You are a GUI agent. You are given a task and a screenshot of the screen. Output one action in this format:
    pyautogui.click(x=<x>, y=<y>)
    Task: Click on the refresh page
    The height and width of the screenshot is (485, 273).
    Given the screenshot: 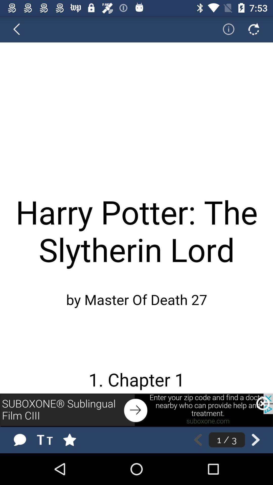 What is the action you would take?
    pyautogui.click(x=254, y=29)
    